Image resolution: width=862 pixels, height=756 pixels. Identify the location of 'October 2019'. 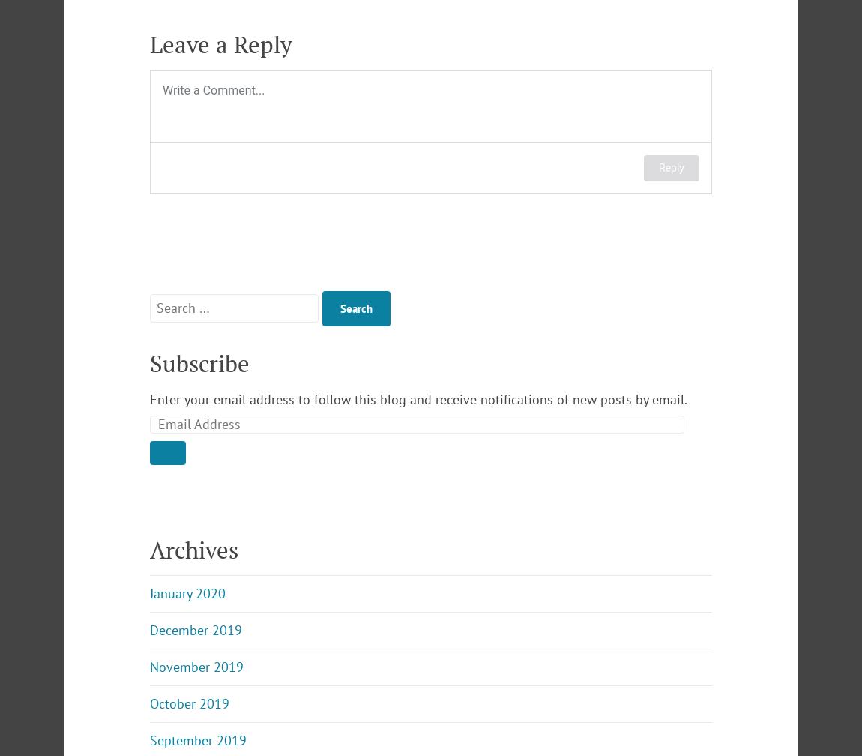
(189, 703).